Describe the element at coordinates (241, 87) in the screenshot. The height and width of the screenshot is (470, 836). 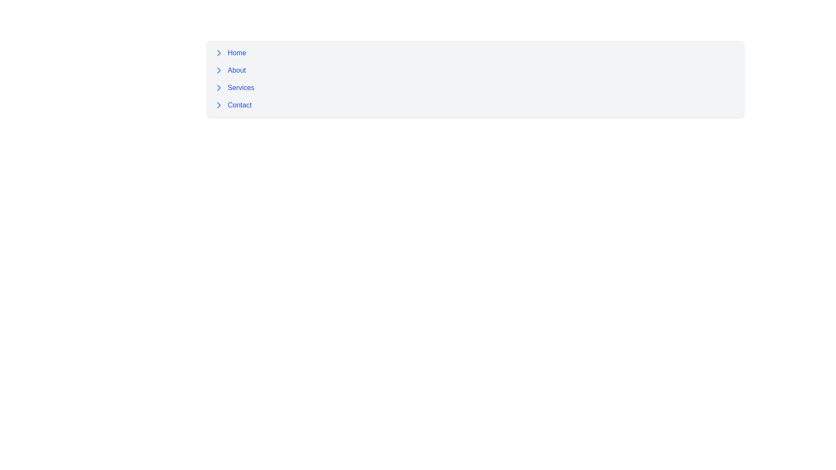
I see `the third navigational link in the menu to trigger the underline appearance` at that location.